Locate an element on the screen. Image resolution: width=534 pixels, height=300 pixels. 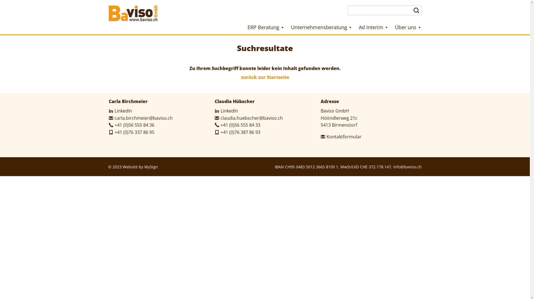
'Website by MySign' is located at coordinates (140, 166).